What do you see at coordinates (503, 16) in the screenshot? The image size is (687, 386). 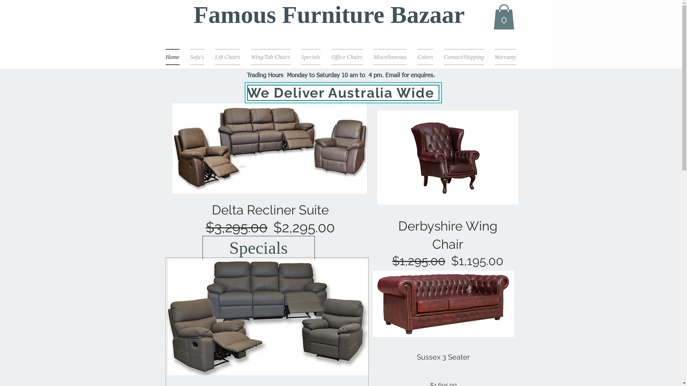 I see `'0'` at bounding box center [503, 16].